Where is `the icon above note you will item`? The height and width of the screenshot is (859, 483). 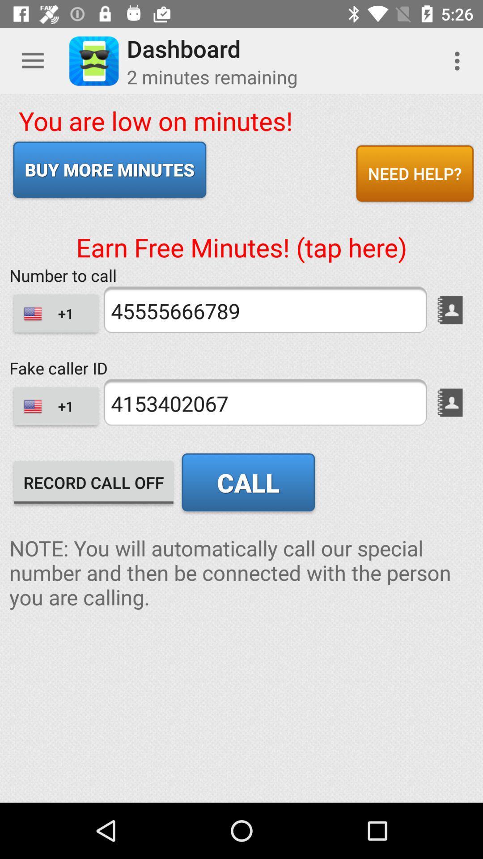 the icon above note you will item is located at coordinates (93, 482).